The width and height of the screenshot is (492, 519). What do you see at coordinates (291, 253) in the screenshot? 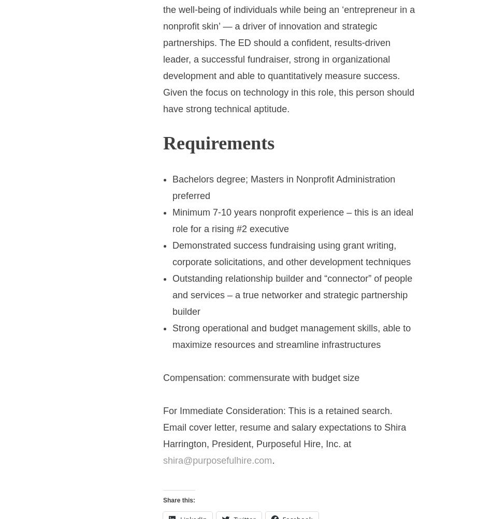
I see `'Demonstrated success fundraising using grant writing, corporate solicitations, and other development techniques'` at bounding box center [291, 253].